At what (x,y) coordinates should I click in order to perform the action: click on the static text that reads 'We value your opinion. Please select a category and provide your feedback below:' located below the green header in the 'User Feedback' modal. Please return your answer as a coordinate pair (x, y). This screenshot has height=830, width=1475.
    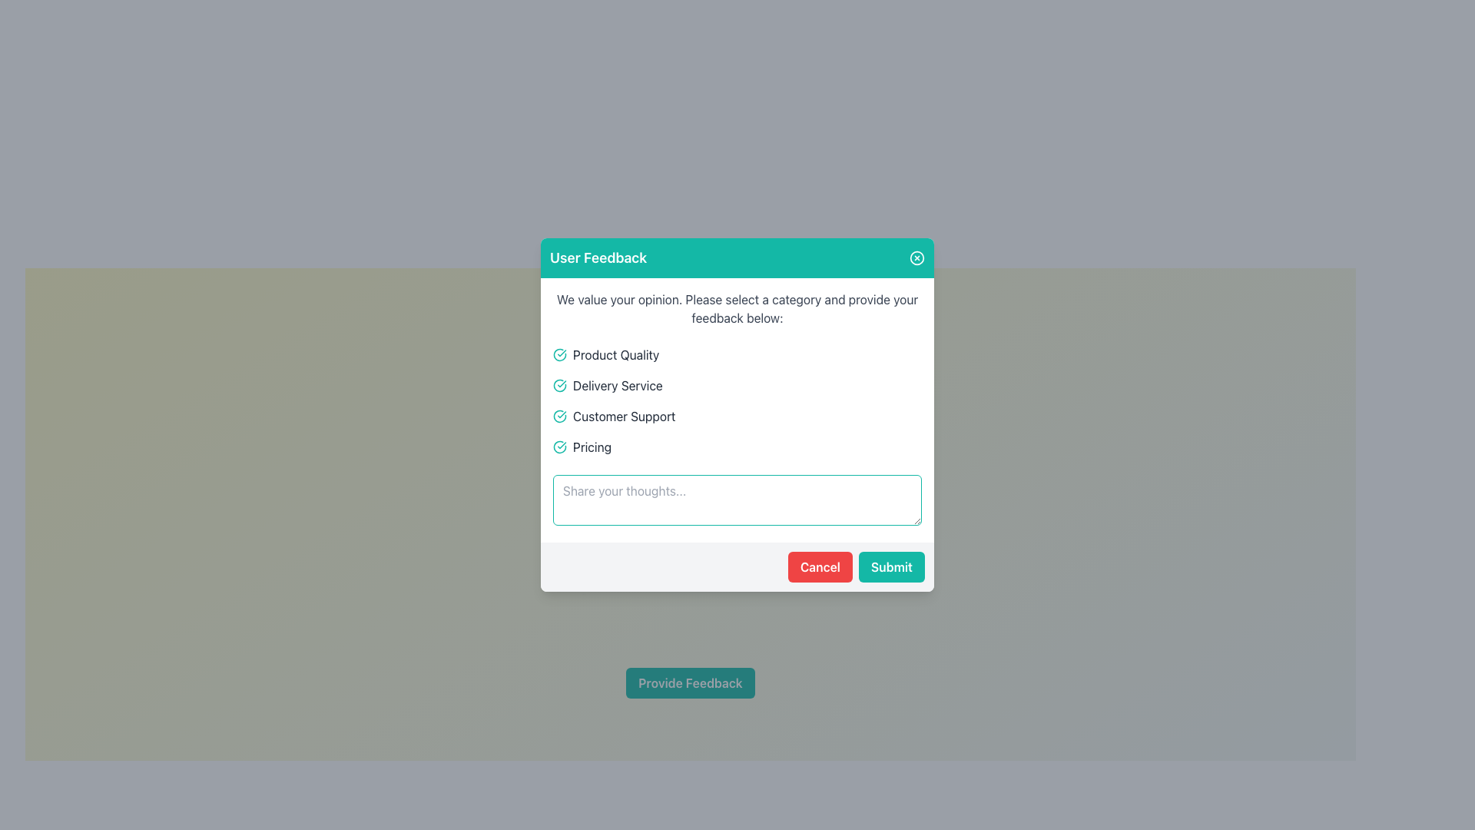
    Looking at the image, I should click on (737, 308).